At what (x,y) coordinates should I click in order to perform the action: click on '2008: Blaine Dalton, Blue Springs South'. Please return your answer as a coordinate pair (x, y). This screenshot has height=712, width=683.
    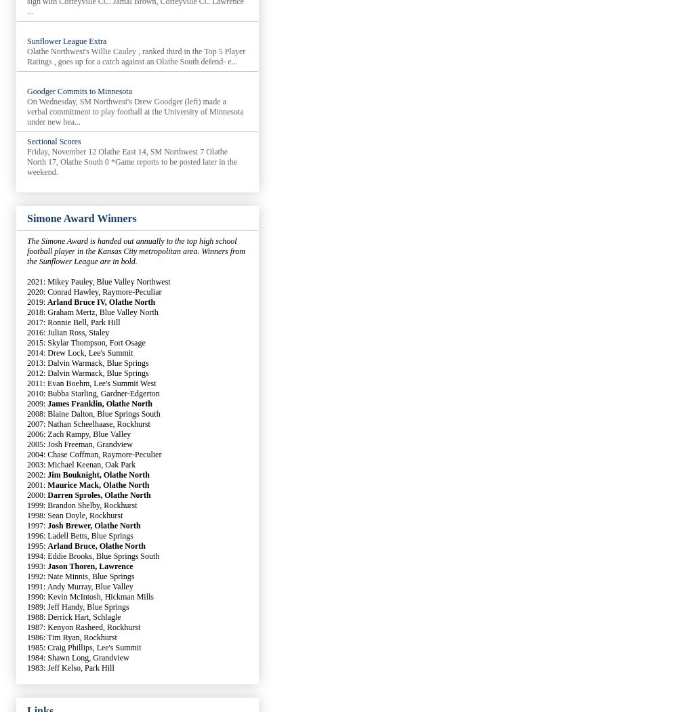
    Looking at the image, I should click on (93, 413).